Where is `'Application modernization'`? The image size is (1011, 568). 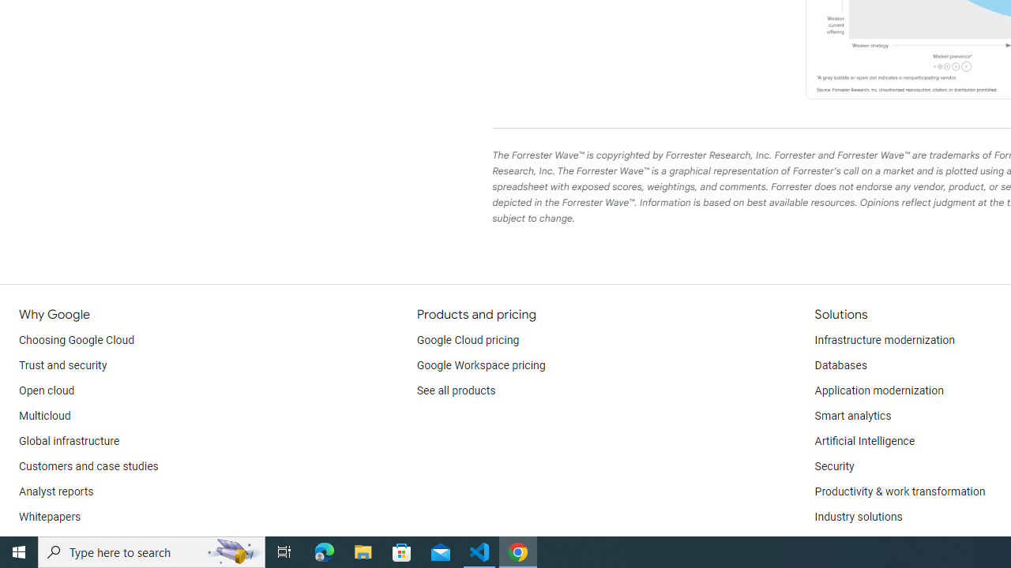 'Application modernization' is located at coordinates (878, 390).